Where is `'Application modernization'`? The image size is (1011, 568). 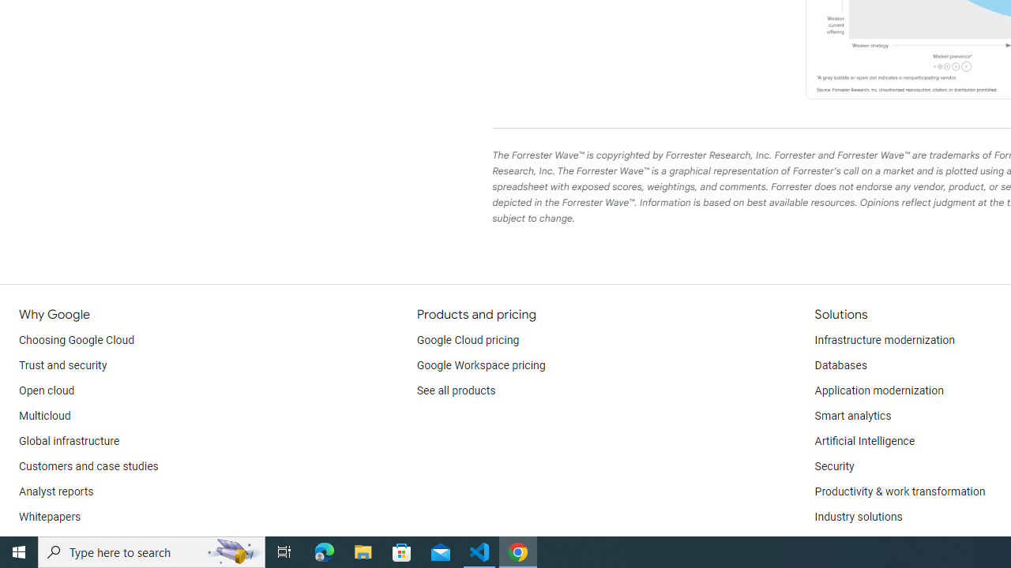 'Application modernization' is located at coordinates (878, 390).